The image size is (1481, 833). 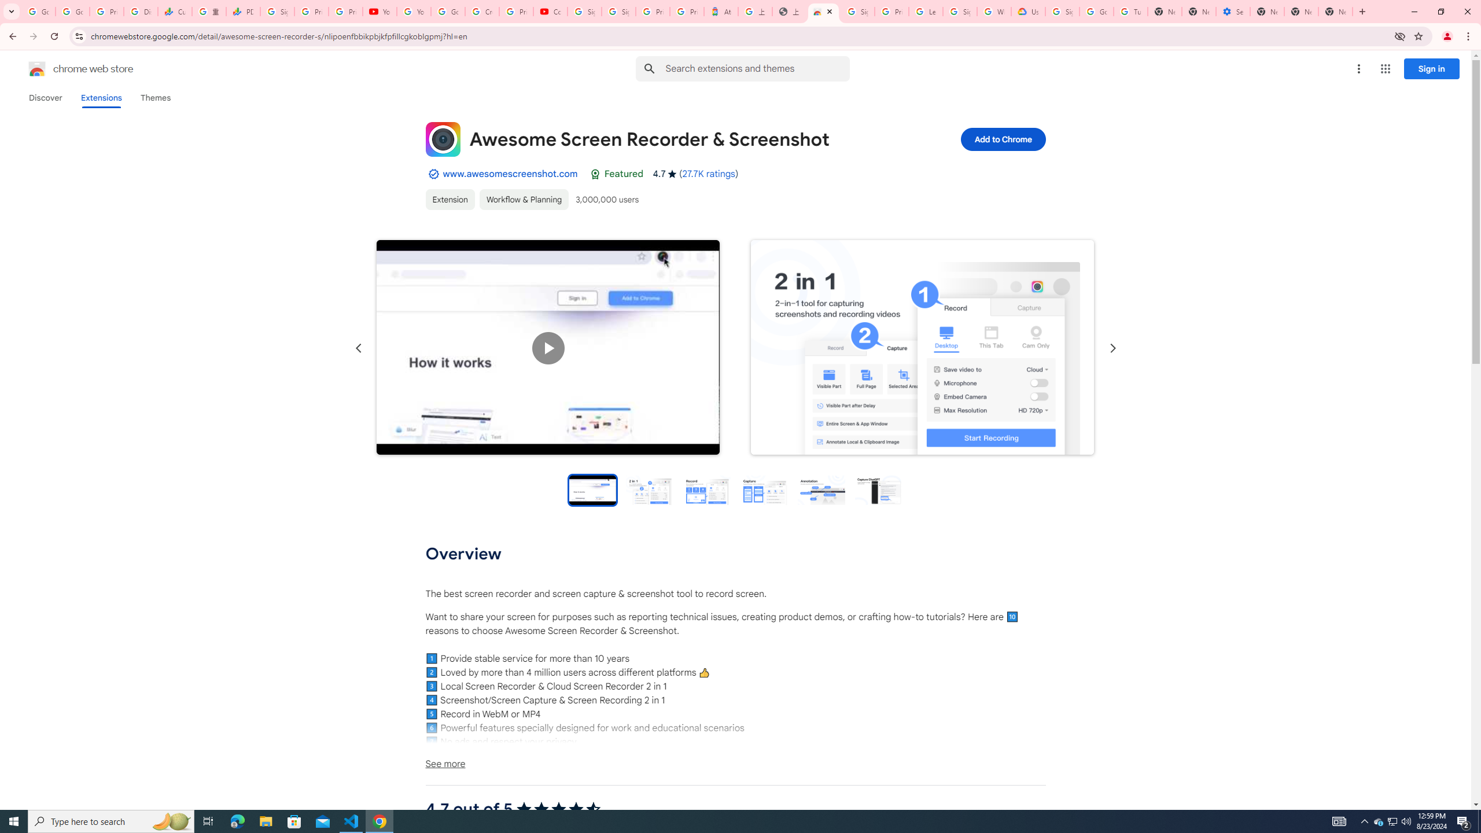 I want to click on 'Workflow & Planning', so click(x=523, y=199).